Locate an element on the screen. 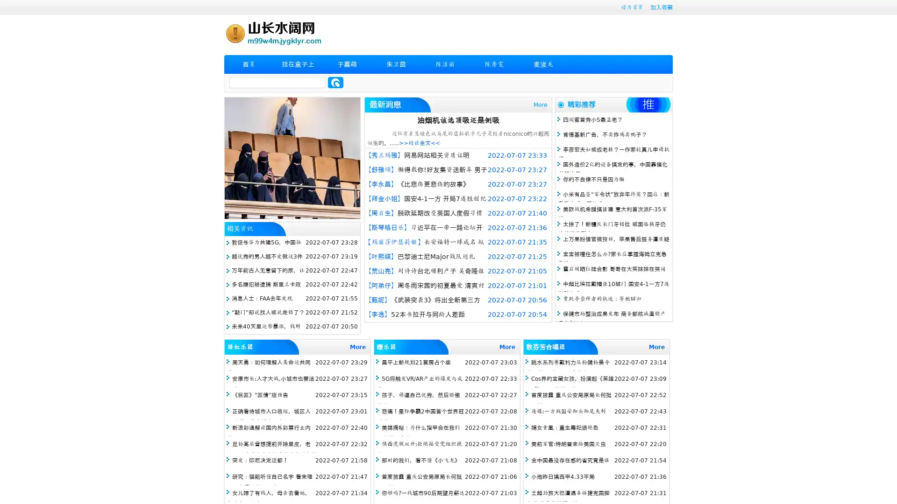  Search is located at coordinates (335, 82).